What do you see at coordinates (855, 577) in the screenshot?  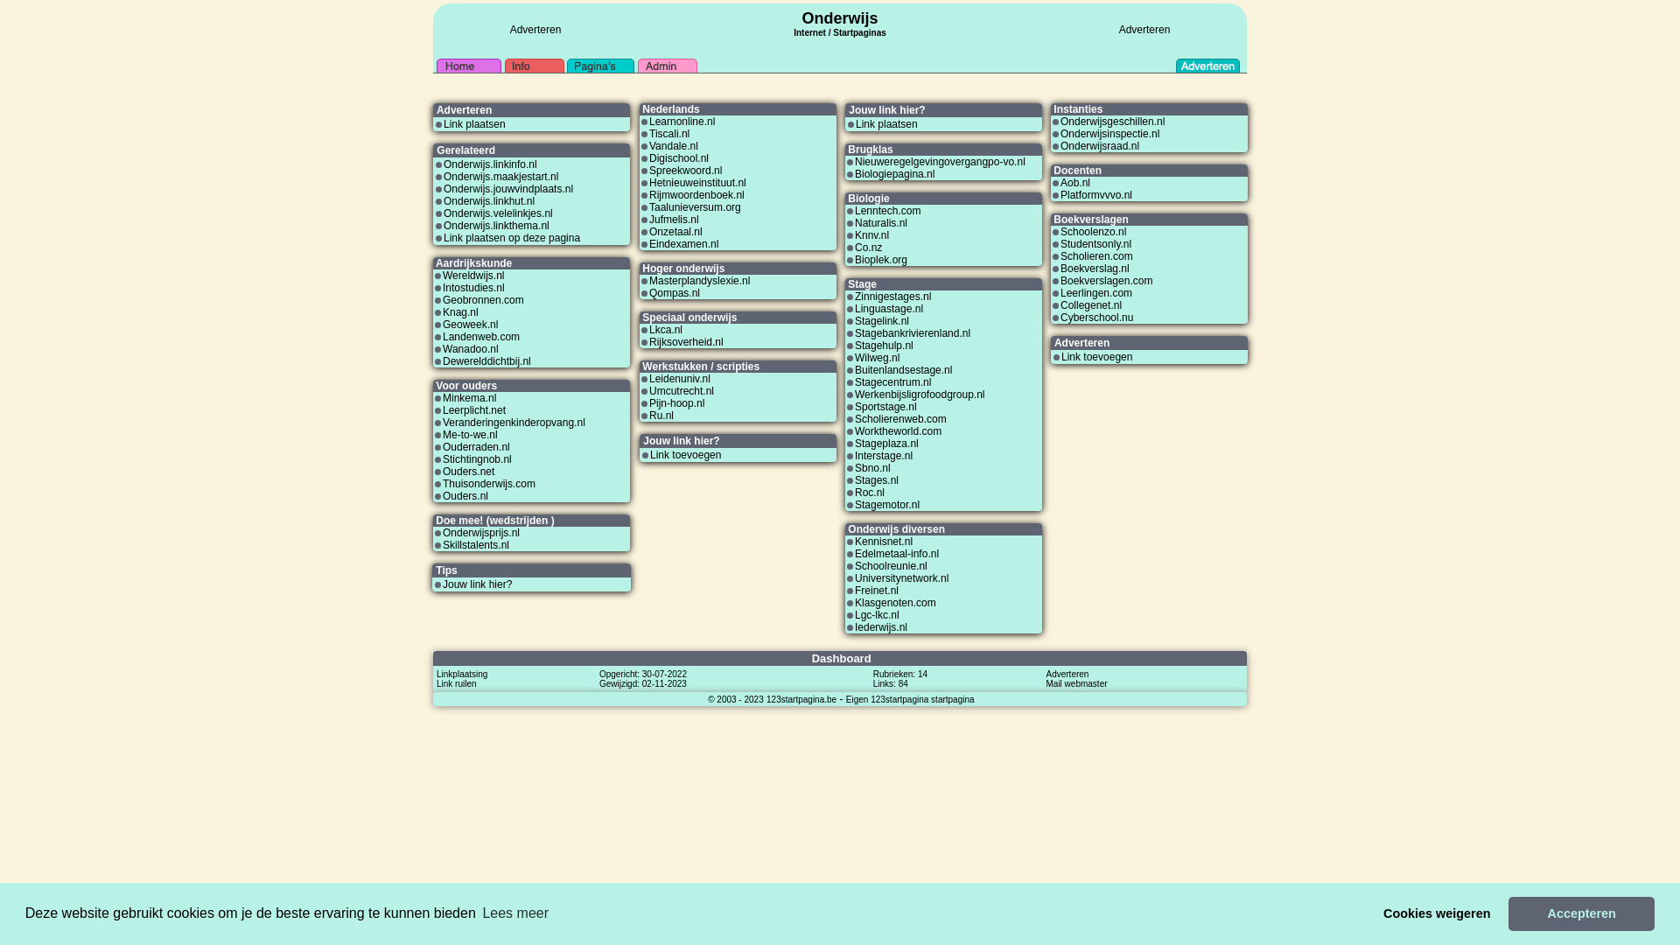 I see `'Universitynetwork.nl'` at bounding box center [855, 577].